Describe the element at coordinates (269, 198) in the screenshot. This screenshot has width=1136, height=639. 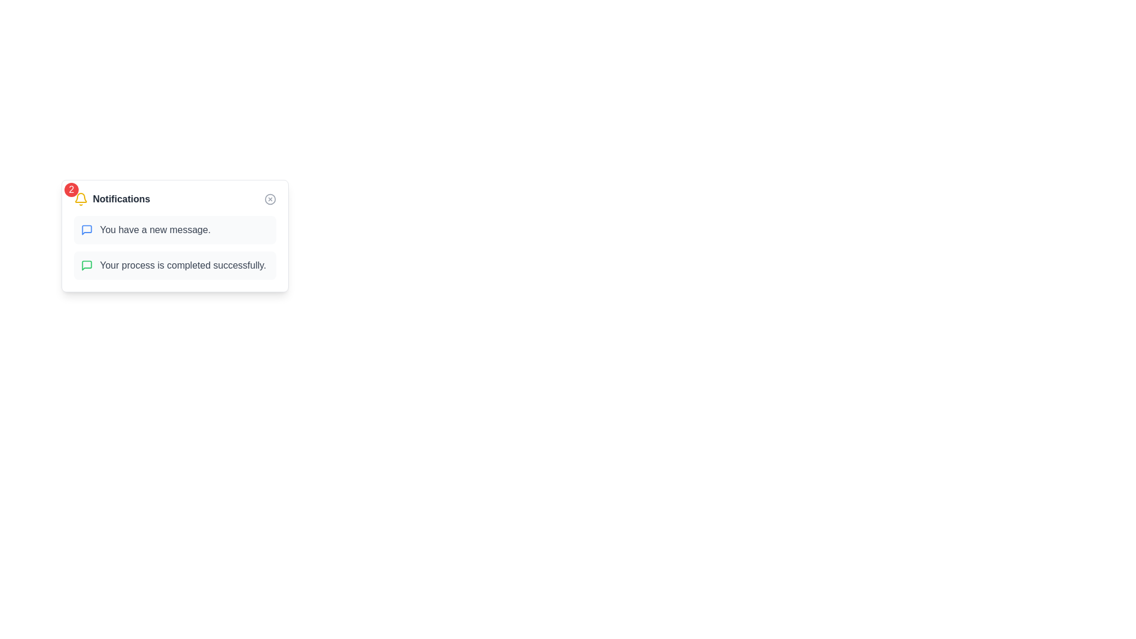
I see `the circular gray button with an 'X' symbol located in the top-right corner of the notification panel` at that location.